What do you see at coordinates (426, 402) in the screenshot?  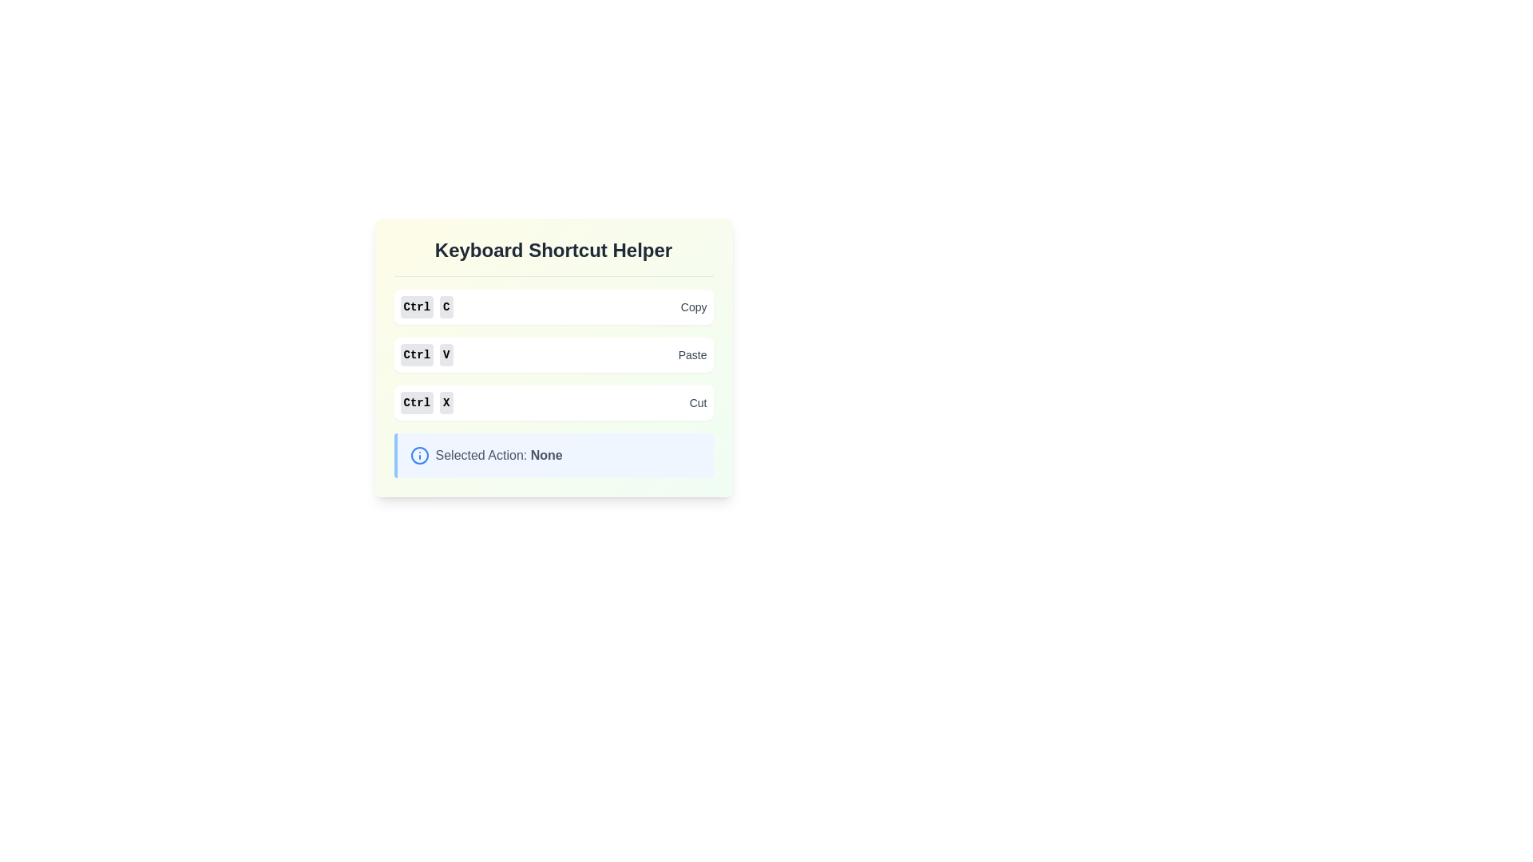 I see `text of the 'Ctrl' and 'X' command label in the 'Keyboard Shortcut Helper' interface, which is styled with a gray rounded rectangle and positioned in the third row below the 'Copy' and 'Paste' commands` at bounding box center [426, 402].